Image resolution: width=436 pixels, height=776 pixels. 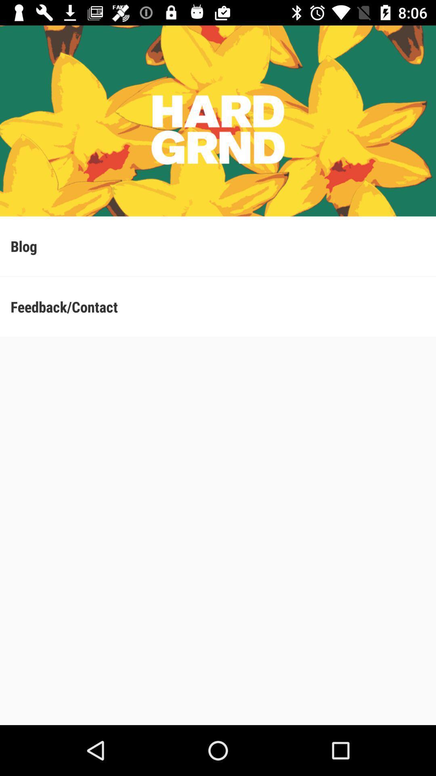 What do you see at coordinates (218, 306) in the screenshot?
I see `feedback/contact item` at bounding box center [218, 306].